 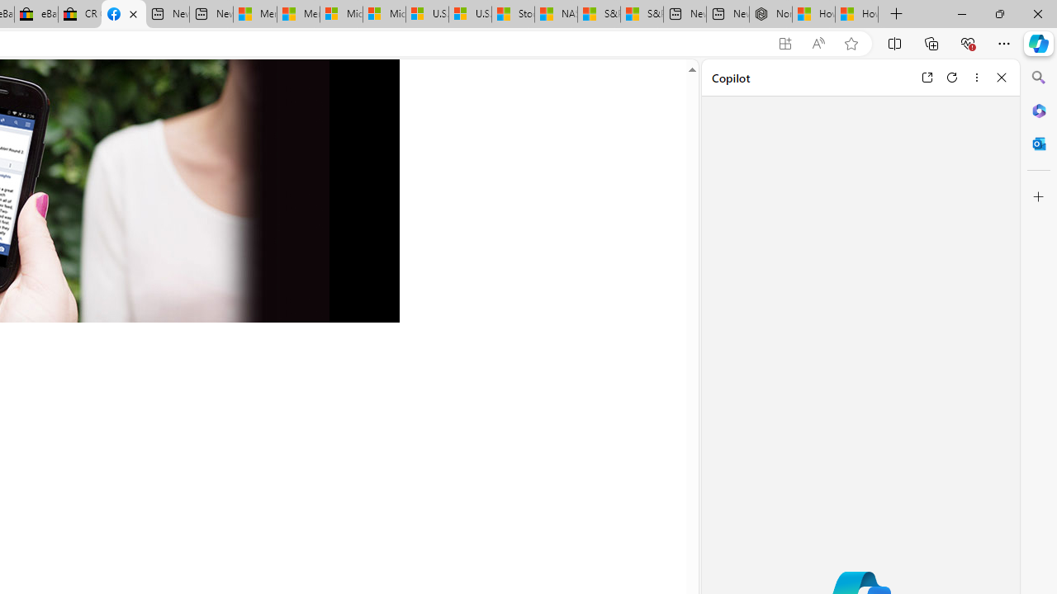 What do you see at coordinates (896, 14) in the screenshot?
I see `'New Tab'` at bounding box center [896, 14].